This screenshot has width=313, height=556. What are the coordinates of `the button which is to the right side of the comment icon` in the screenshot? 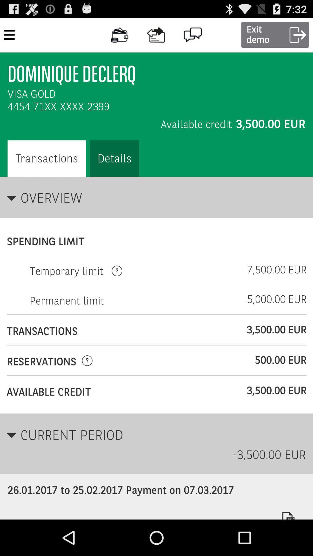 It's located at (275, 34).